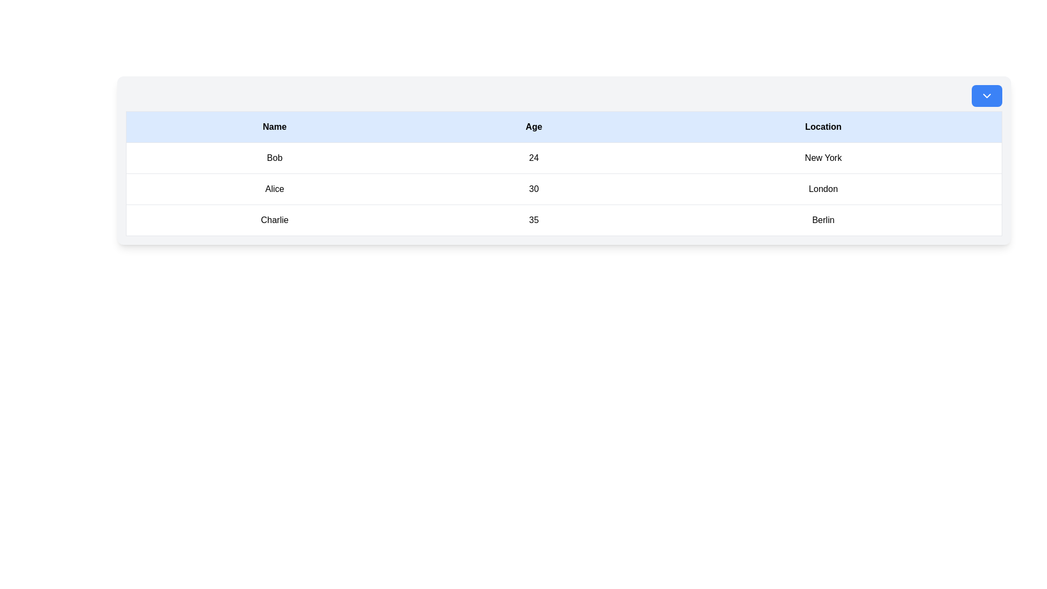 The width and height of the screenshot is (1047, 589). Describe the element at coordinates (274, 126) in the screenshot. I see `the header cell displaying the text 'Name' in bold, located in the top-left of the table with a light blue background` at that location.